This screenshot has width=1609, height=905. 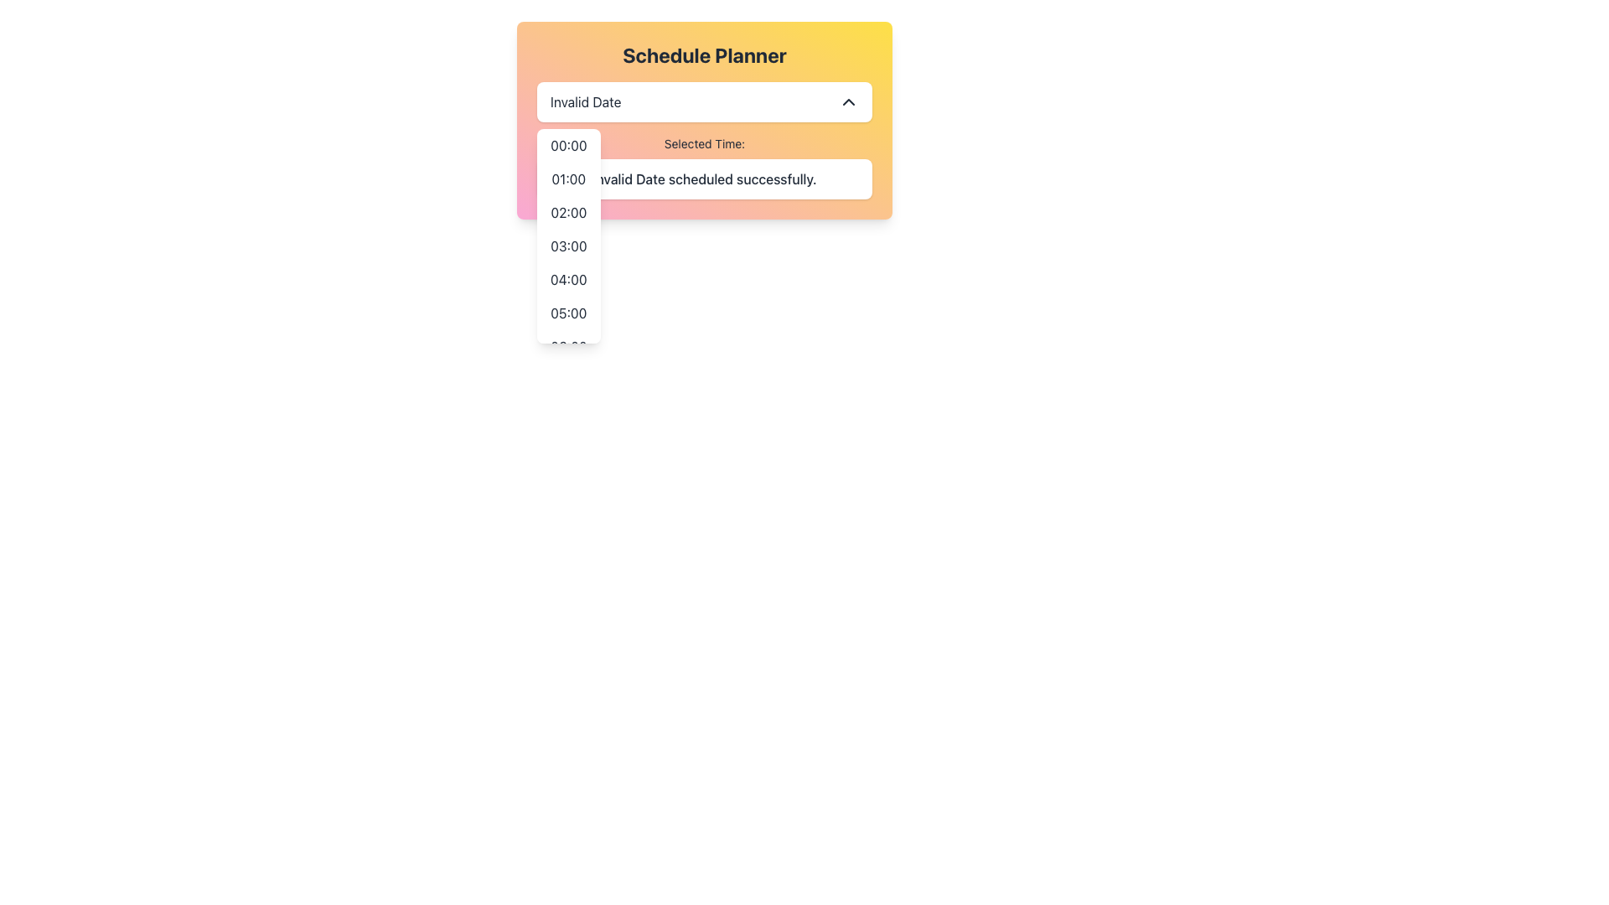 What do you see at coordinates (704, 178) in the screenshot?
I see `the Informational message box displaying 'Invalid Date scheduled successfully.' which is located below the 'Selected Time:' label and to the right of the time slots dropdown` at bounding box center [704, 178].